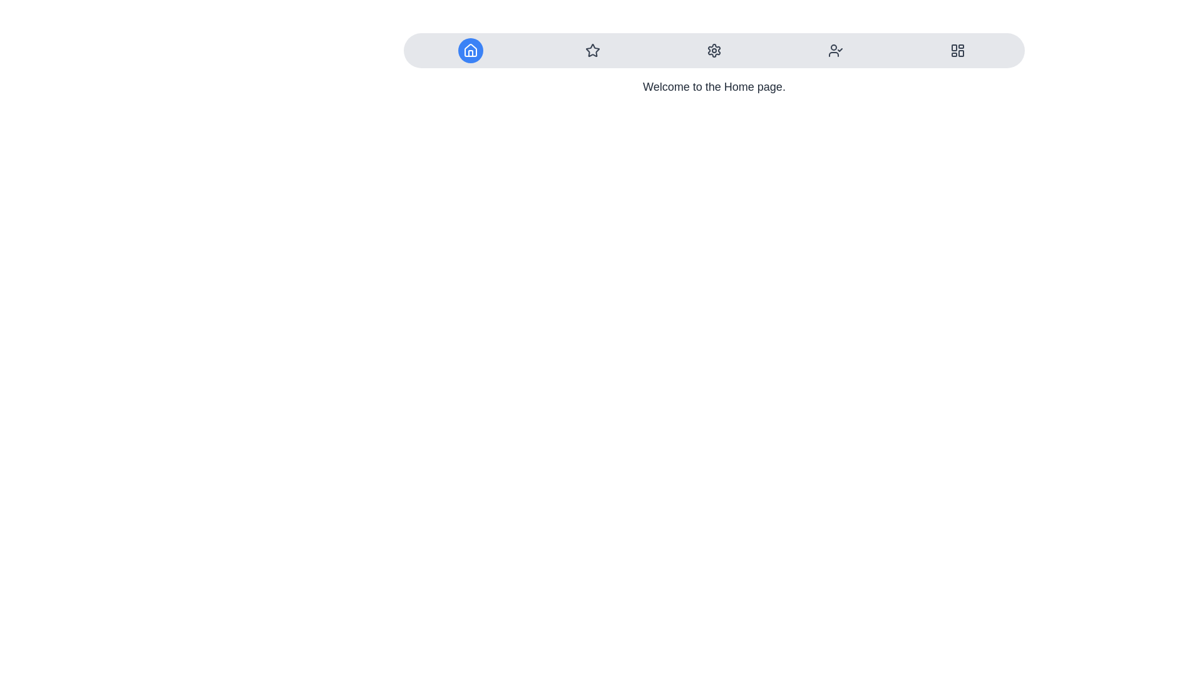 This screenshot has height=676, width=1202. What do you see at coordinates (714, 50) in the screenshot?
I see `the tab corresponding to Settings` at bounding box center [714, 50].